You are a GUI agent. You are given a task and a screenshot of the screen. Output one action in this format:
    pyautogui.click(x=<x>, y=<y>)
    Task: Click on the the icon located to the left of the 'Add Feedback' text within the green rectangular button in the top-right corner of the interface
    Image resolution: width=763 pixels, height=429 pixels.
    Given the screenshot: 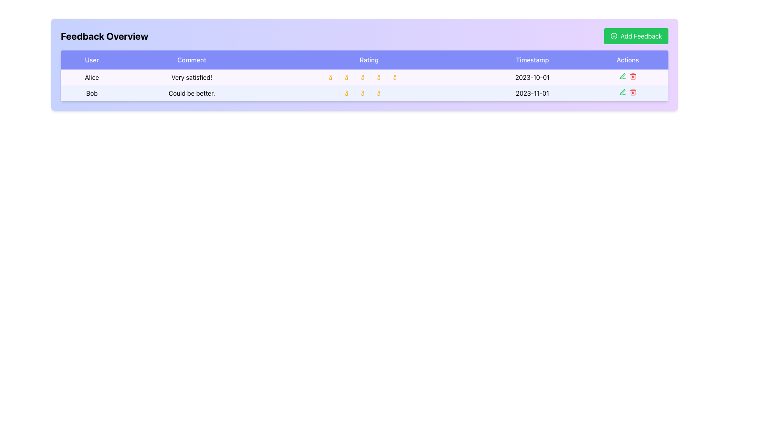 What is the action you would take?
    pyautogui.click(x=613, y=36)
    